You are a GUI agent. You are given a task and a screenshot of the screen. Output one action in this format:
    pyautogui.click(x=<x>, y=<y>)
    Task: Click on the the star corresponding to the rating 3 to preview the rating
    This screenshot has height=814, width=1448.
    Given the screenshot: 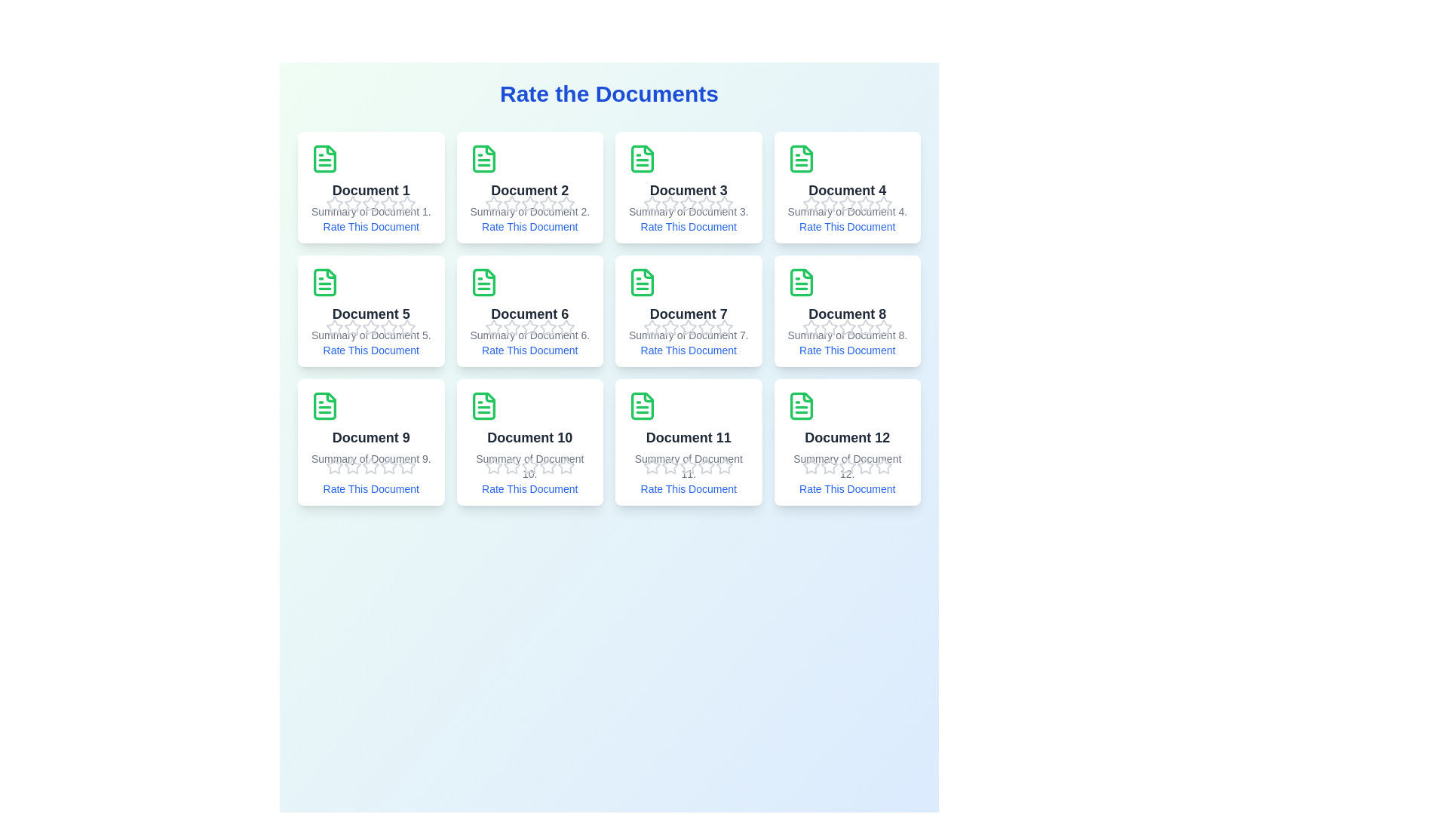 What is the action you would take?
    pyautogui.click(x=371, y=203)
    